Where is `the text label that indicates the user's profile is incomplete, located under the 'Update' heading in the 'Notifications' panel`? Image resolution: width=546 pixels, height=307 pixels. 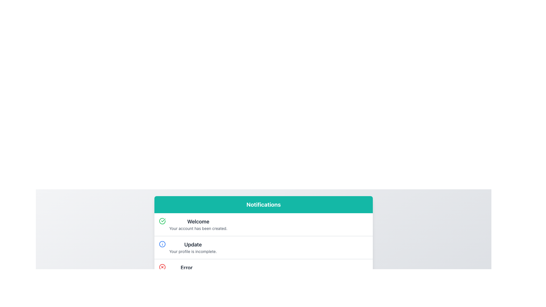 the text label that indicates the user's profile is incomplete, located under the 'Update' heading in the 'Notifications' panel is located at coordinates (193, 251).